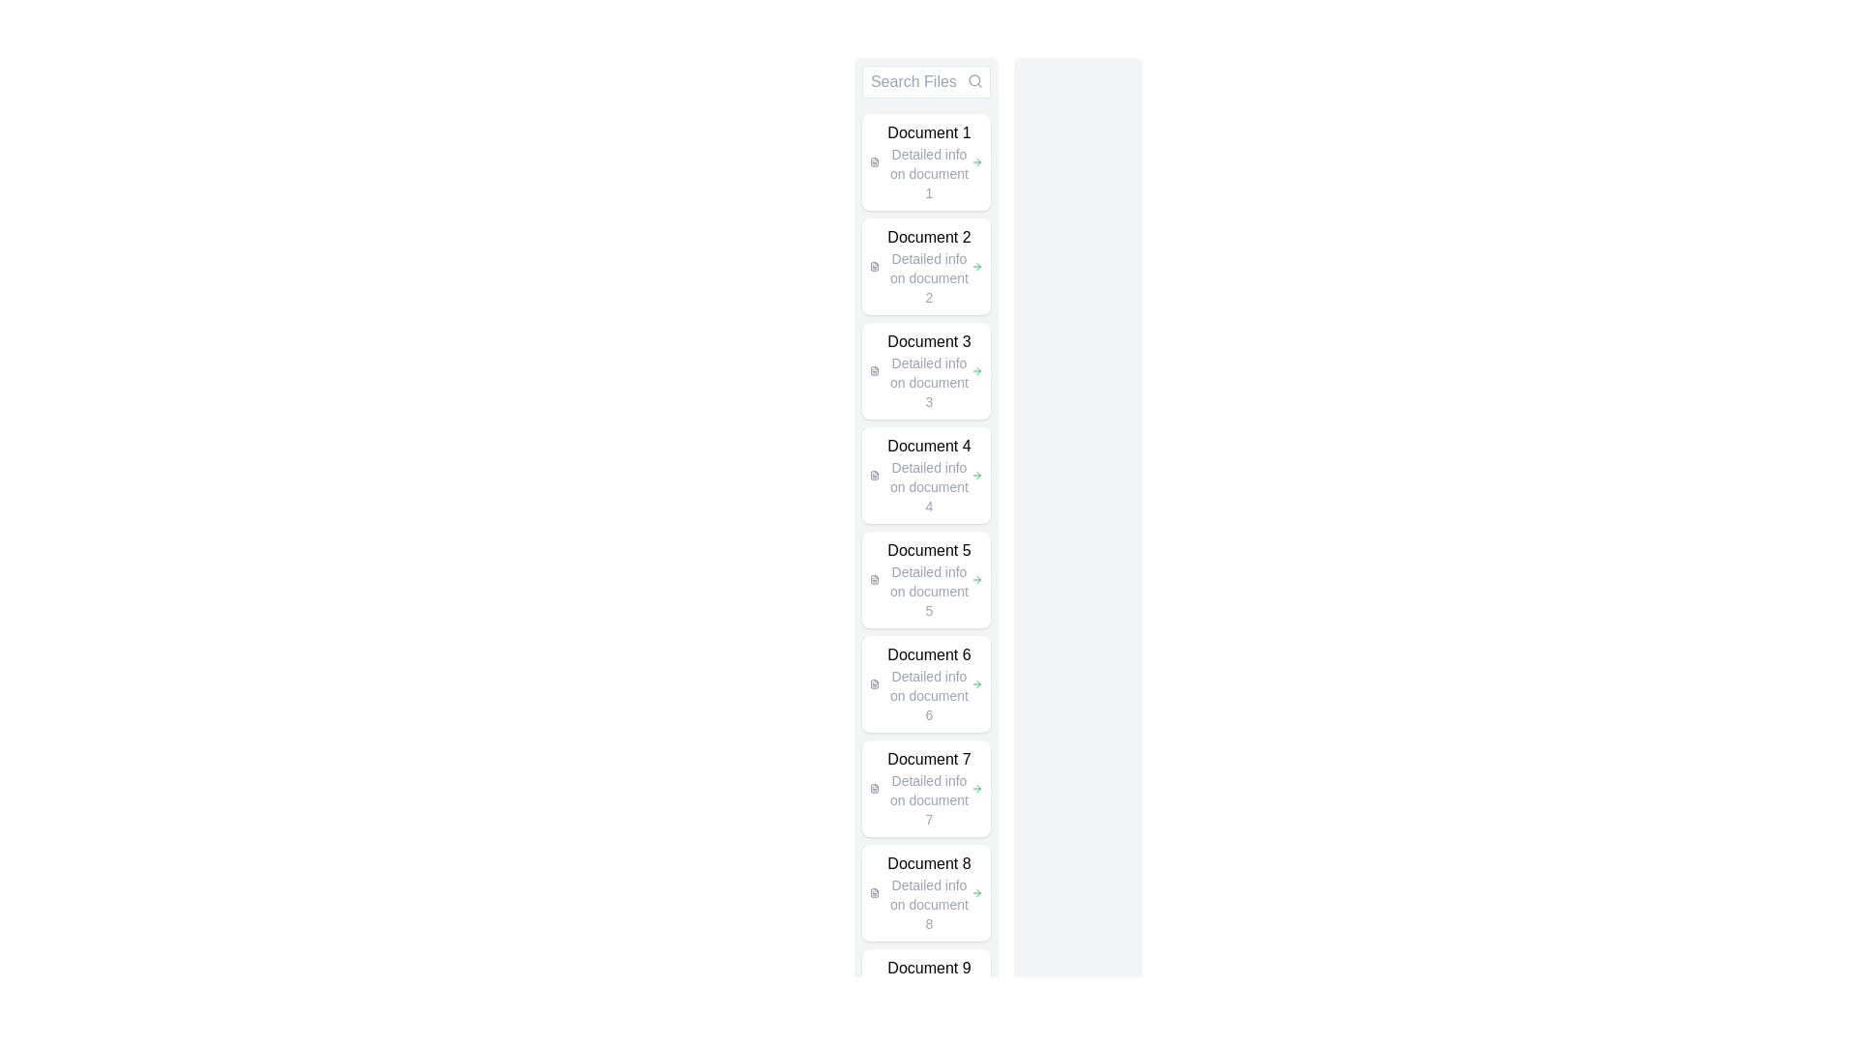 Image resolution: width=1856 pixels, height=1044 pixels. What do you see at coordinates (929, 683) in the screenshot?
I see `the Text Label displaying 'Document 6' with detailed info on document 6, which is the sixth item in a vertical list of cards` at bounding box center [929, 683].